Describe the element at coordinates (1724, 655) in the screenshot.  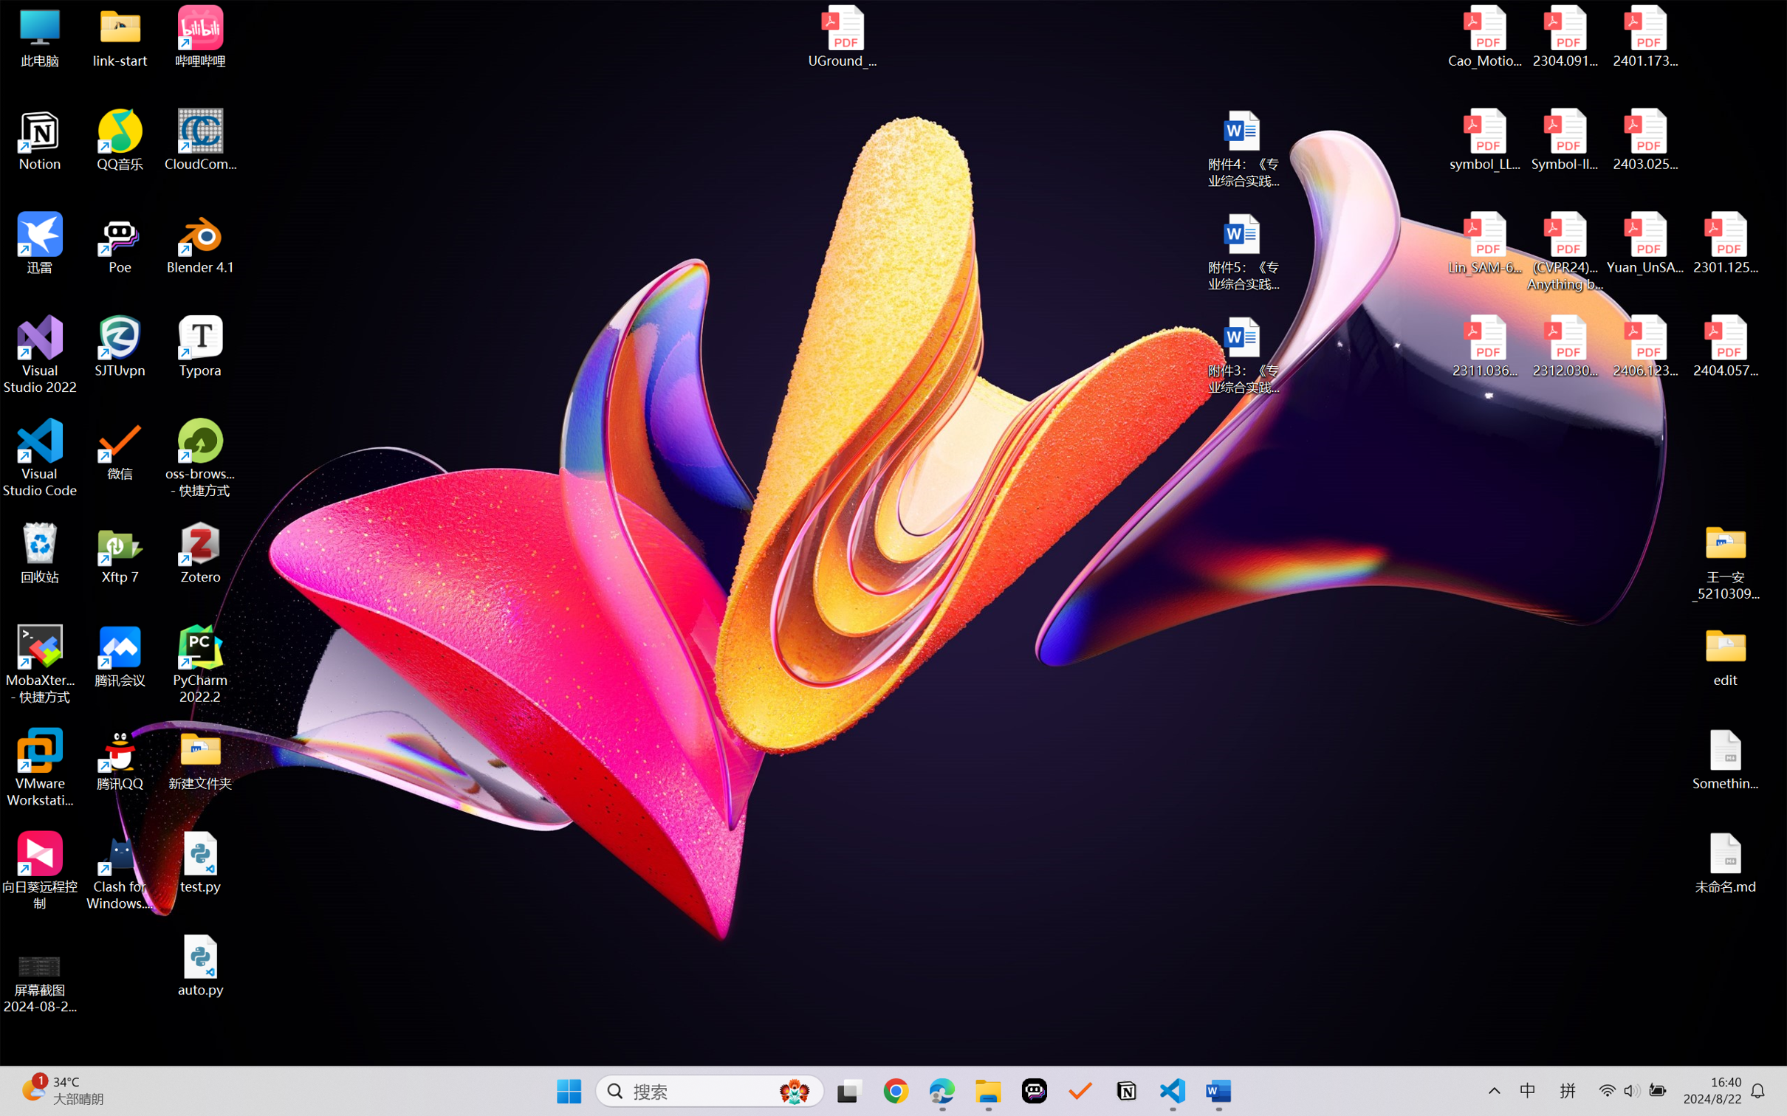
I see `'edit'` at that location.